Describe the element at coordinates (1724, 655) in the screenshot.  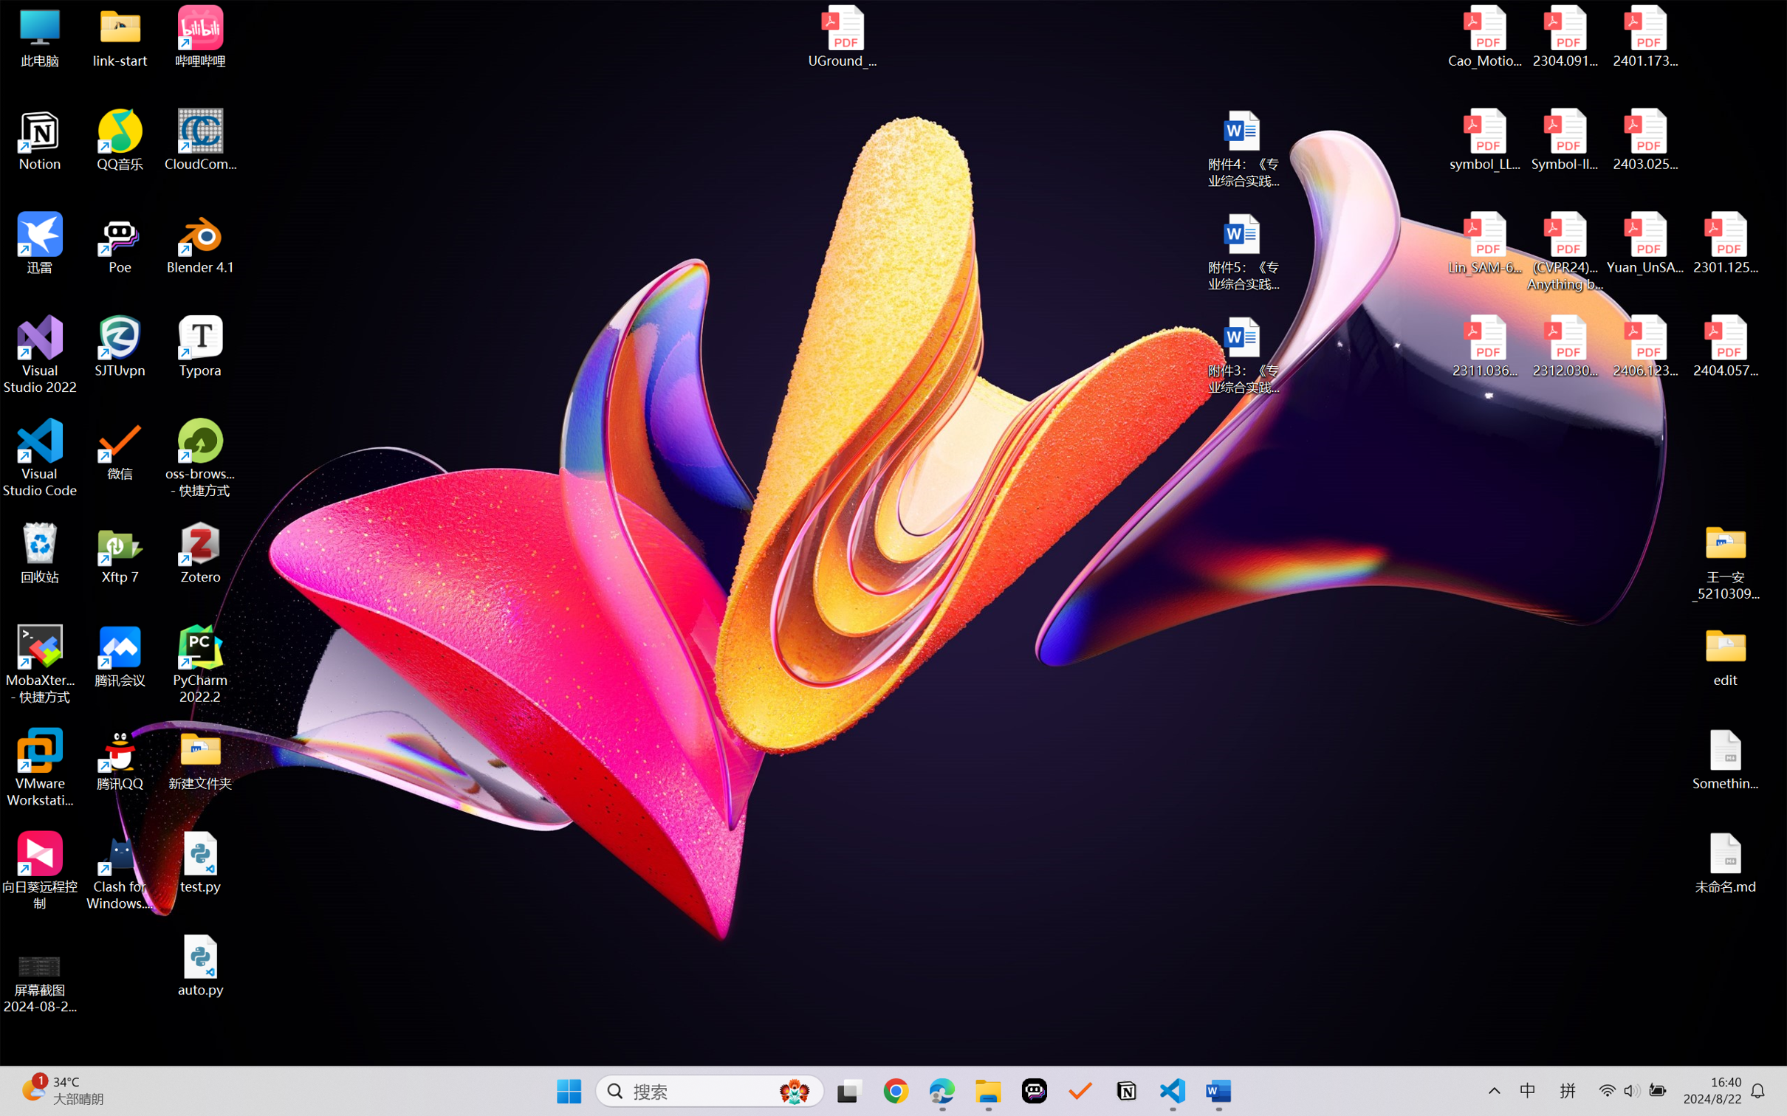
I see `'edit'` at that location.